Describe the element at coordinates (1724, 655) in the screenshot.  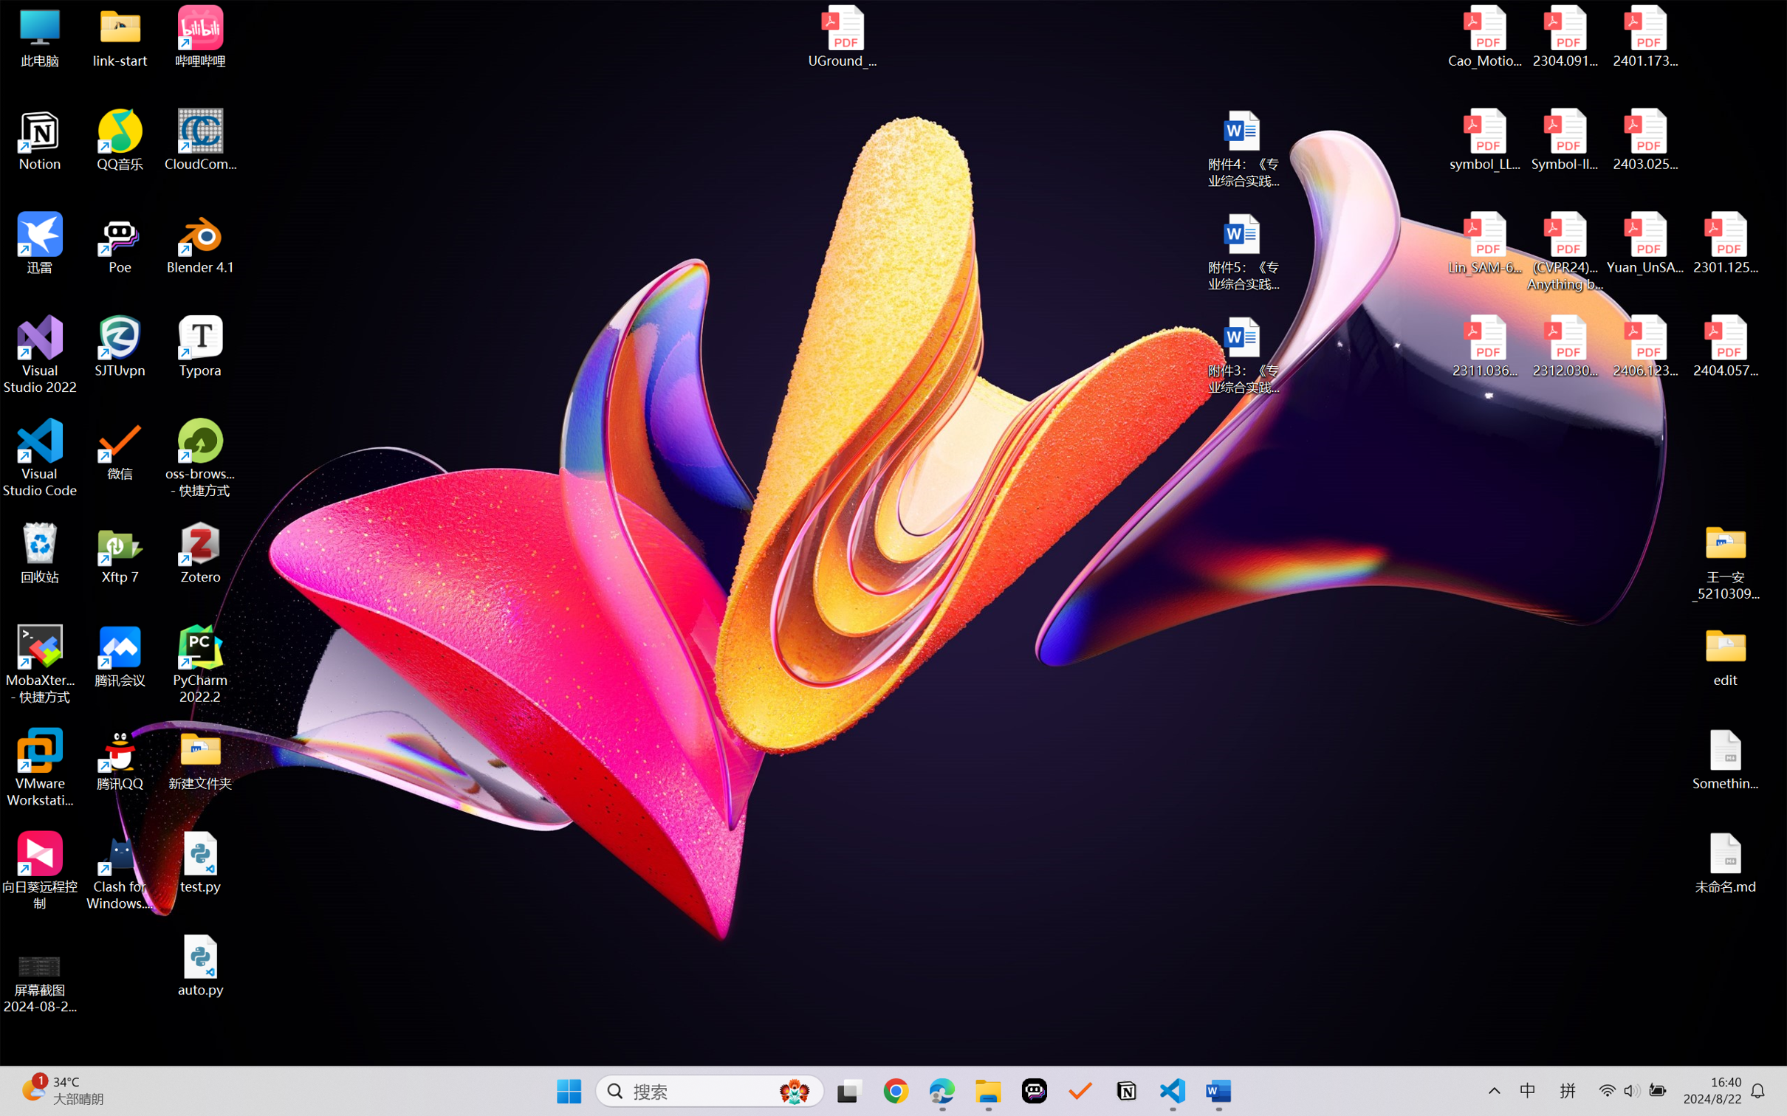
I see `'edit'` at that location.